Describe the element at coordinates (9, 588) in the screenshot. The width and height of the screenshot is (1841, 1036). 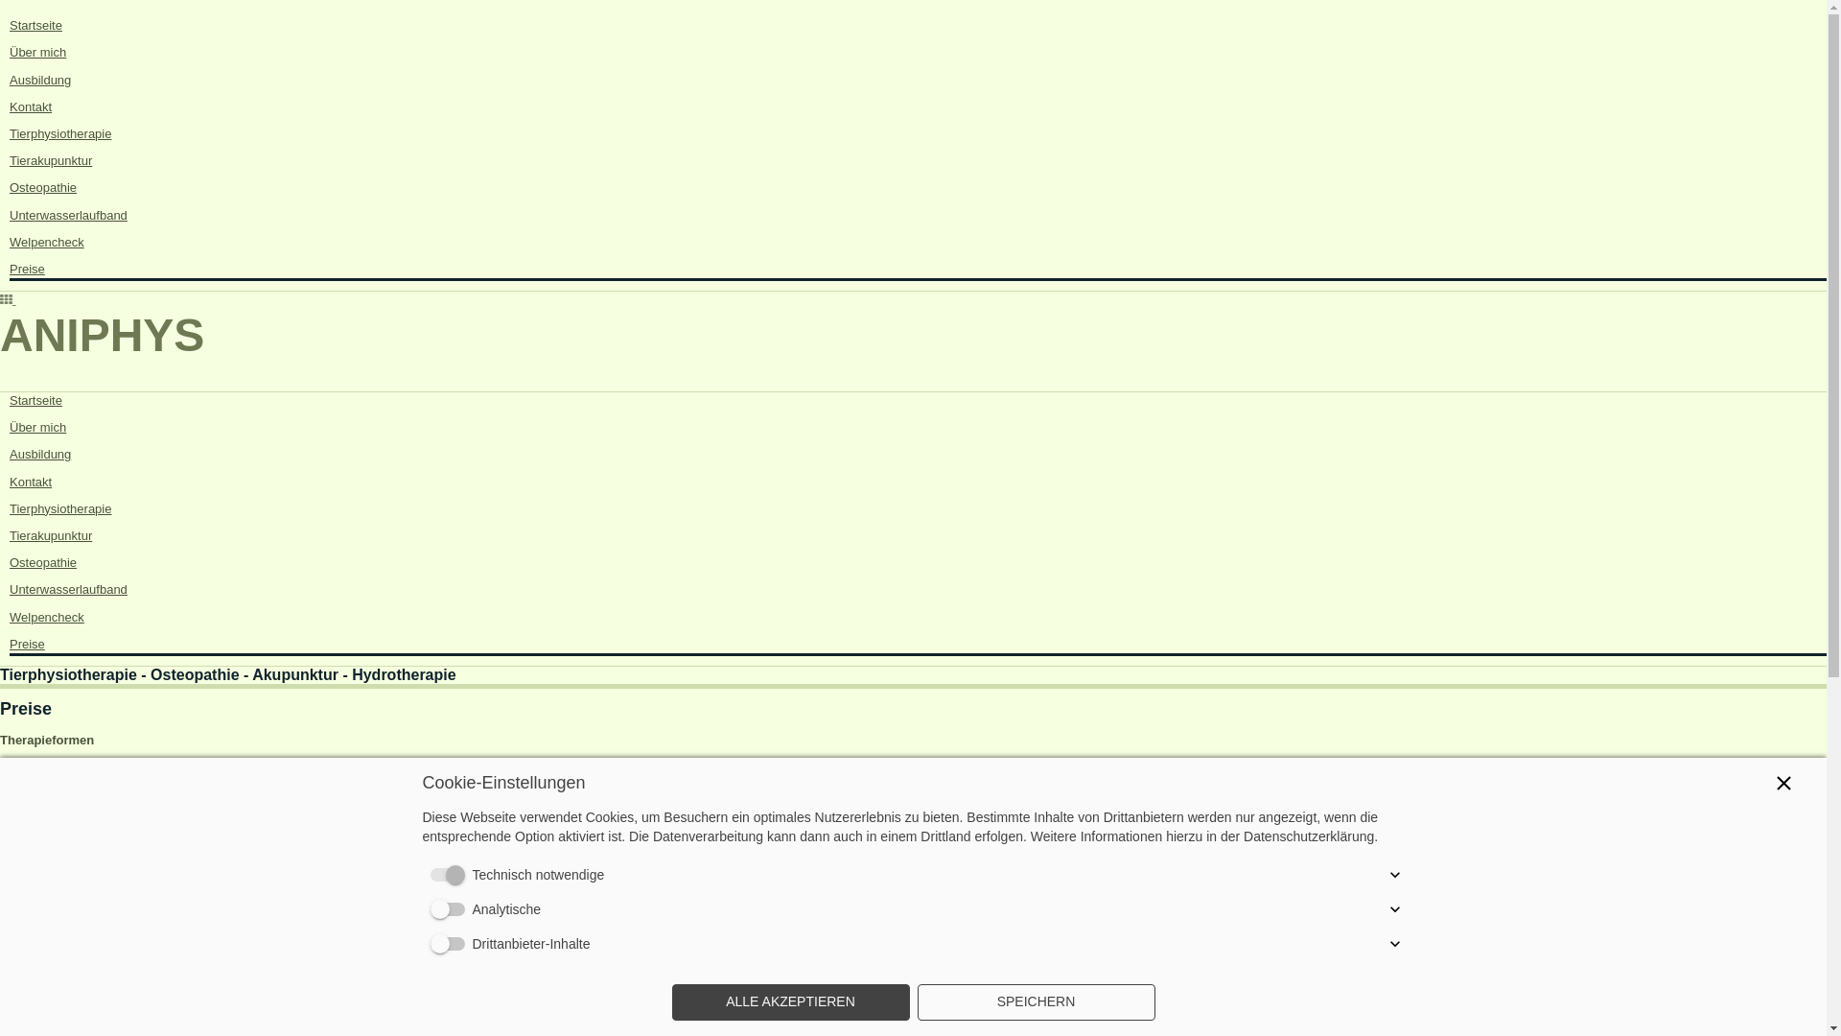
I see `'Unterwasserlaufband'` at that location.